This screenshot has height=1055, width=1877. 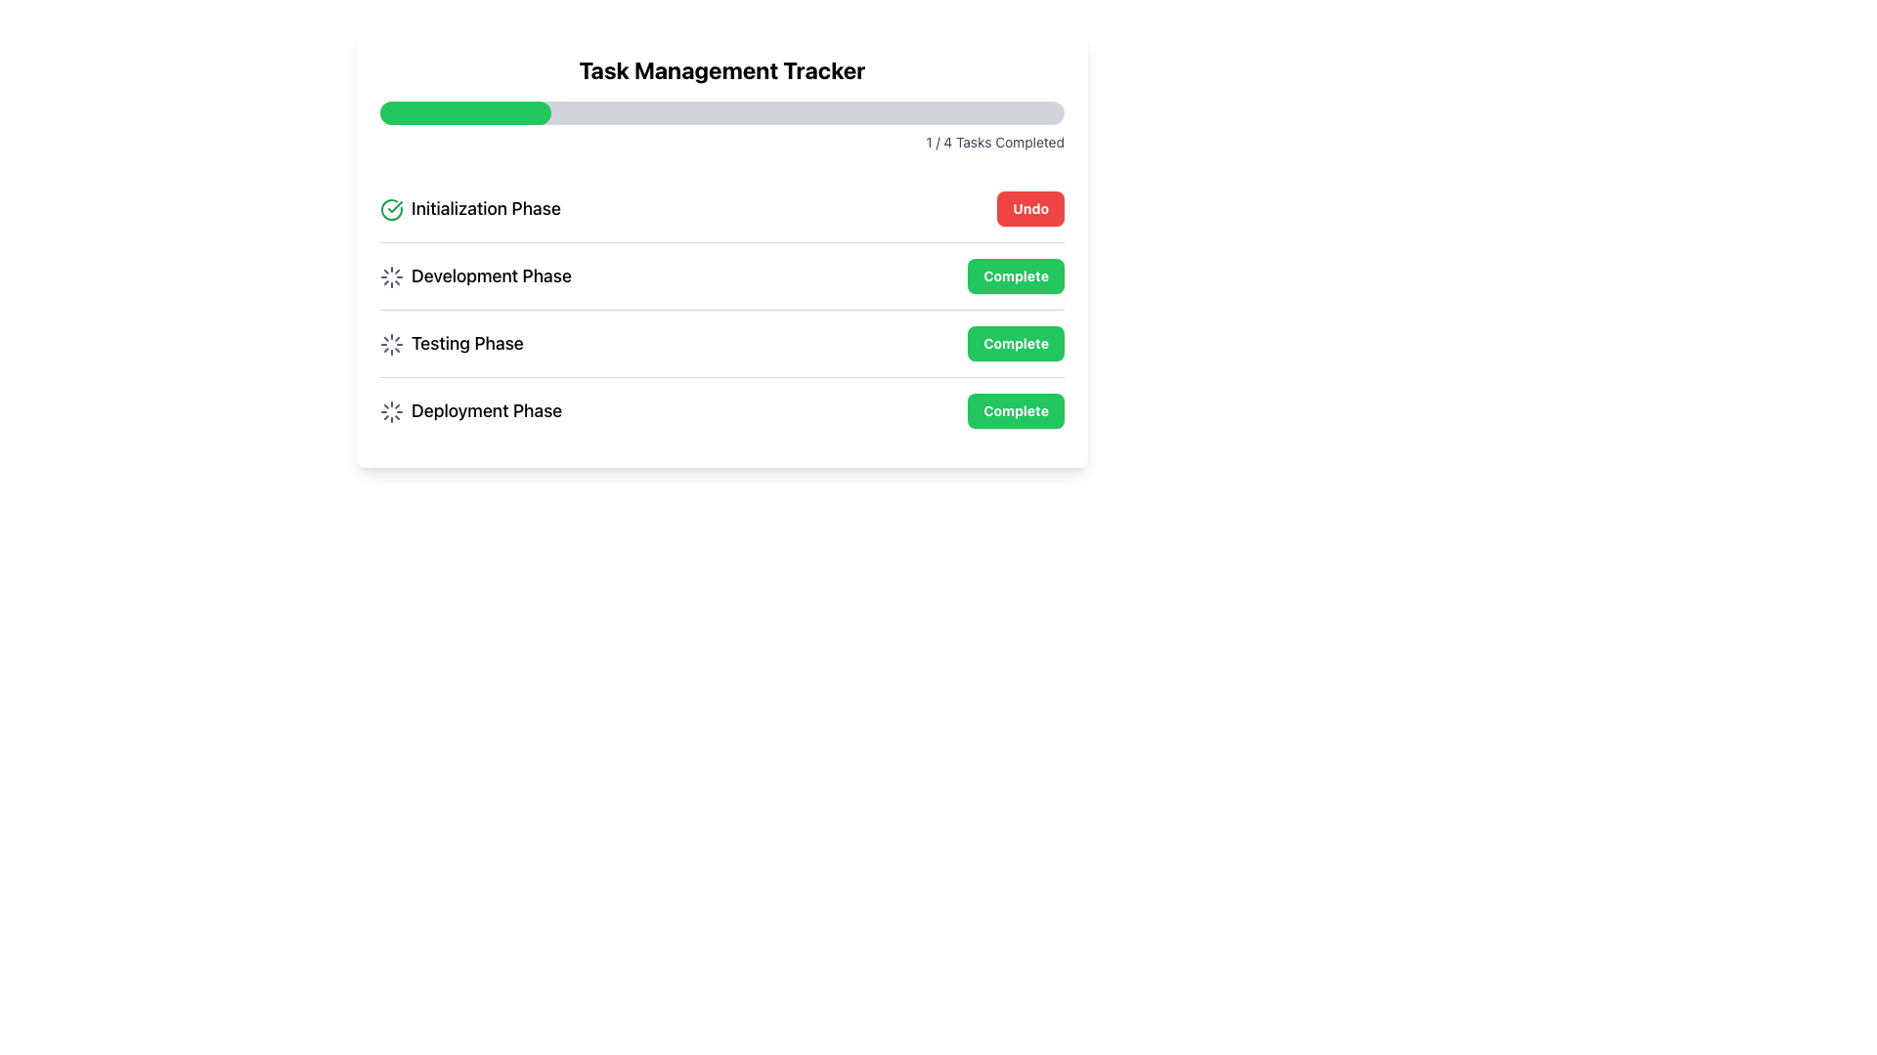 What do you see at coordinates (391, 344) in the screenshot?
I see `the circular loading icon styled in gray, located to the left of the 'Testing Phase' label in the task tracker interface` at bounding box center [391, 344].